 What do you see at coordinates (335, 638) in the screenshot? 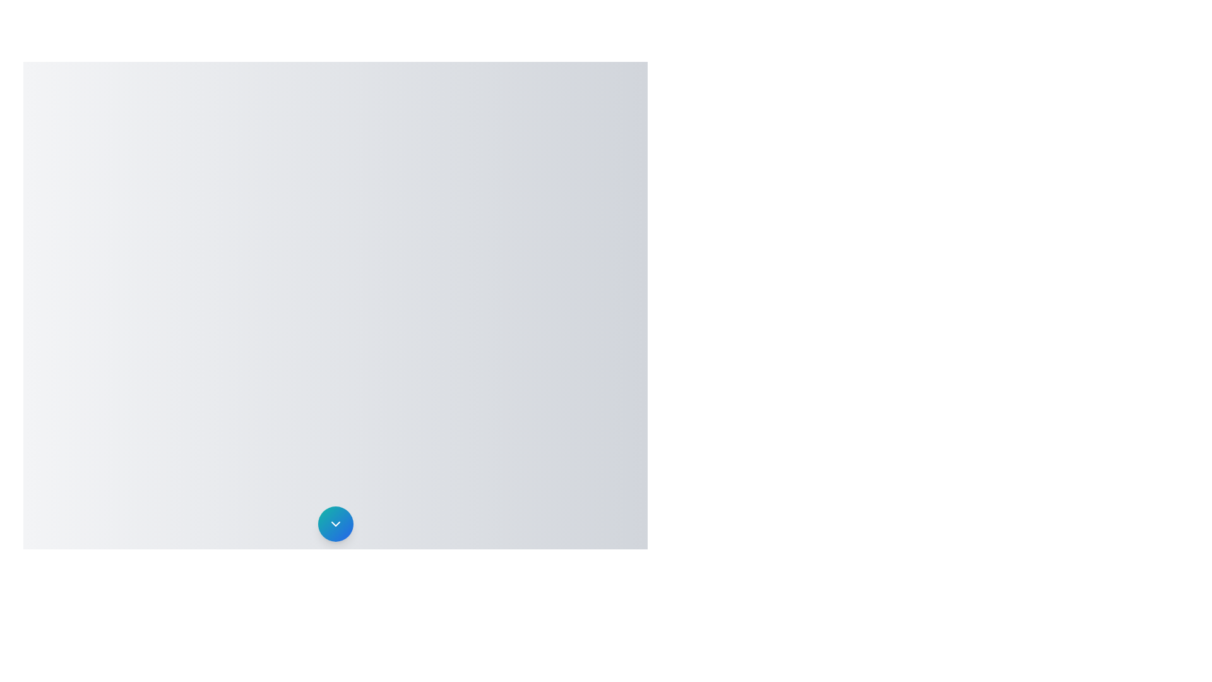
I see `the Favorites menu item in the NotificationSpeedDial` at bounding box center [335, 638].